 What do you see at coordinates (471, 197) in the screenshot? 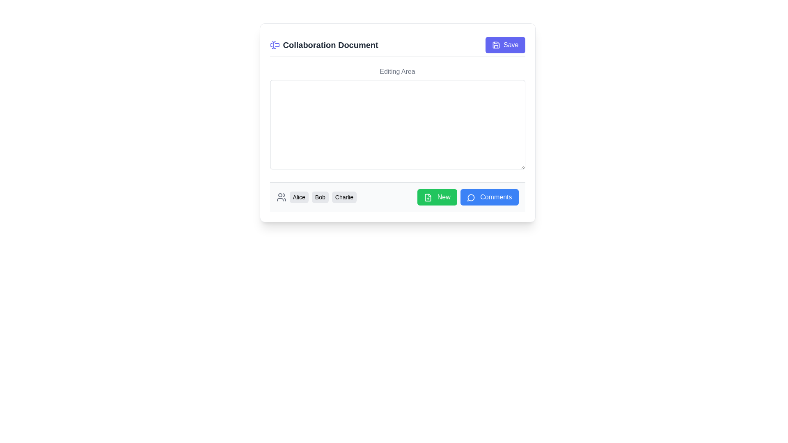
I see `the 'comments' icon located on the left side of the 'Comments' button to enhance its functionality` at bounding box center [471, 197].